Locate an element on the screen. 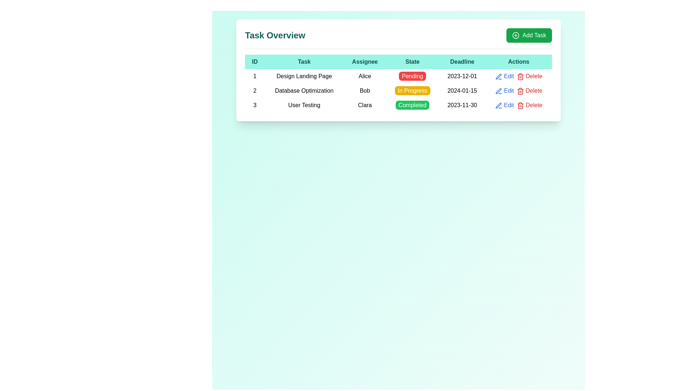  the identifier text in the third row of the table under the 'ID' column, which allows users to reference or recognize the data in the row is located at coordinates (255, 105).